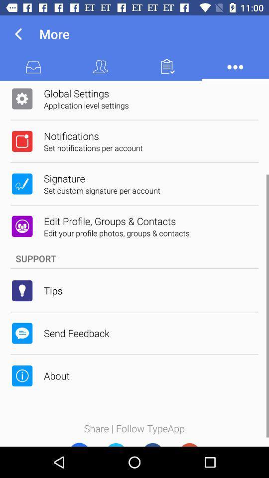 The width and height of the screenshot is (269, 478). I want to click on the tips icon, so click(53, 290).